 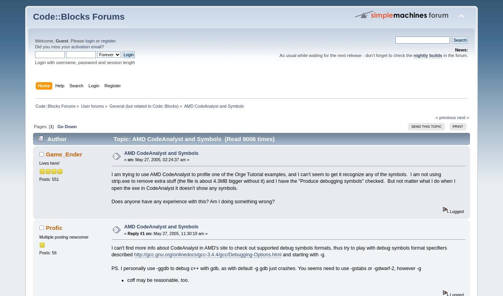 What do you see at coordinates (53, 46) in the screenshot?
I see `'Did you miss your'` at bounding box center [53, 46].